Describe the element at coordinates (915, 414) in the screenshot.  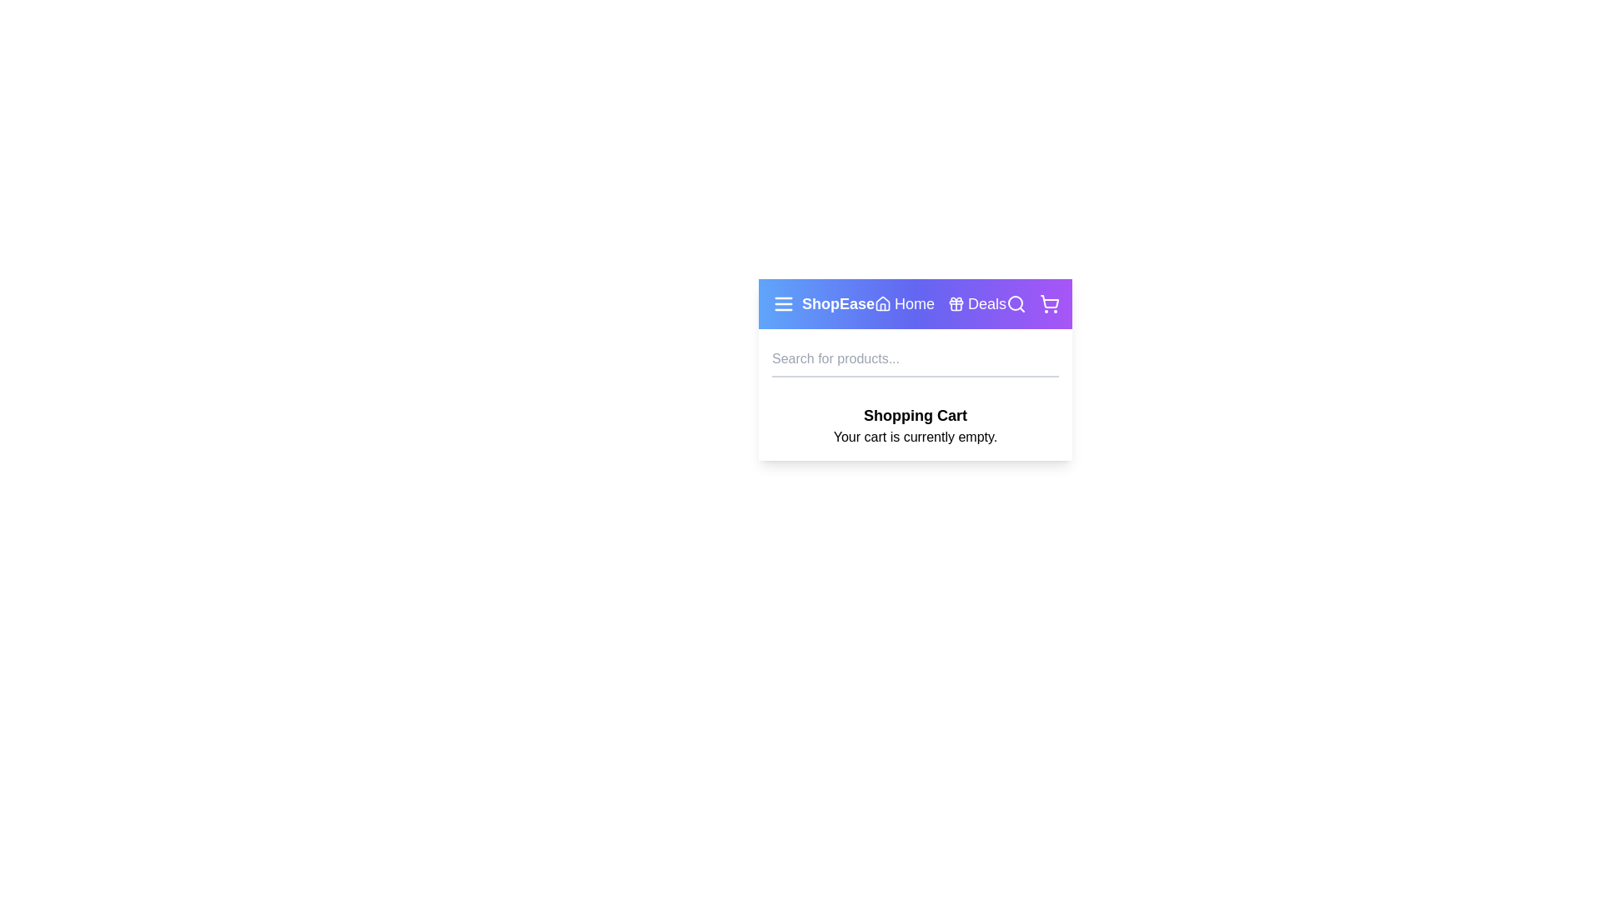
I see `the 'Shopping Cart' text to toggle the visibility of the shopping cart section` at that location.